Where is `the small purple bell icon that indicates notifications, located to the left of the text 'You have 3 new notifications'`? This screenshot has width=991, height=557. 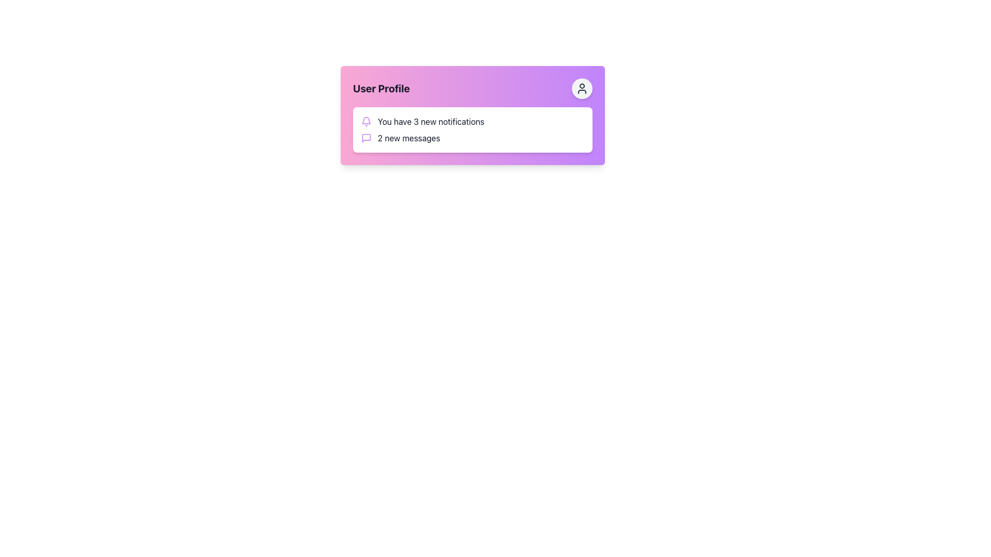
the small purple bell icon that indicates notifications, located to the left of the text 'You have 3 new notifications' is located at coordinates (366, 121).